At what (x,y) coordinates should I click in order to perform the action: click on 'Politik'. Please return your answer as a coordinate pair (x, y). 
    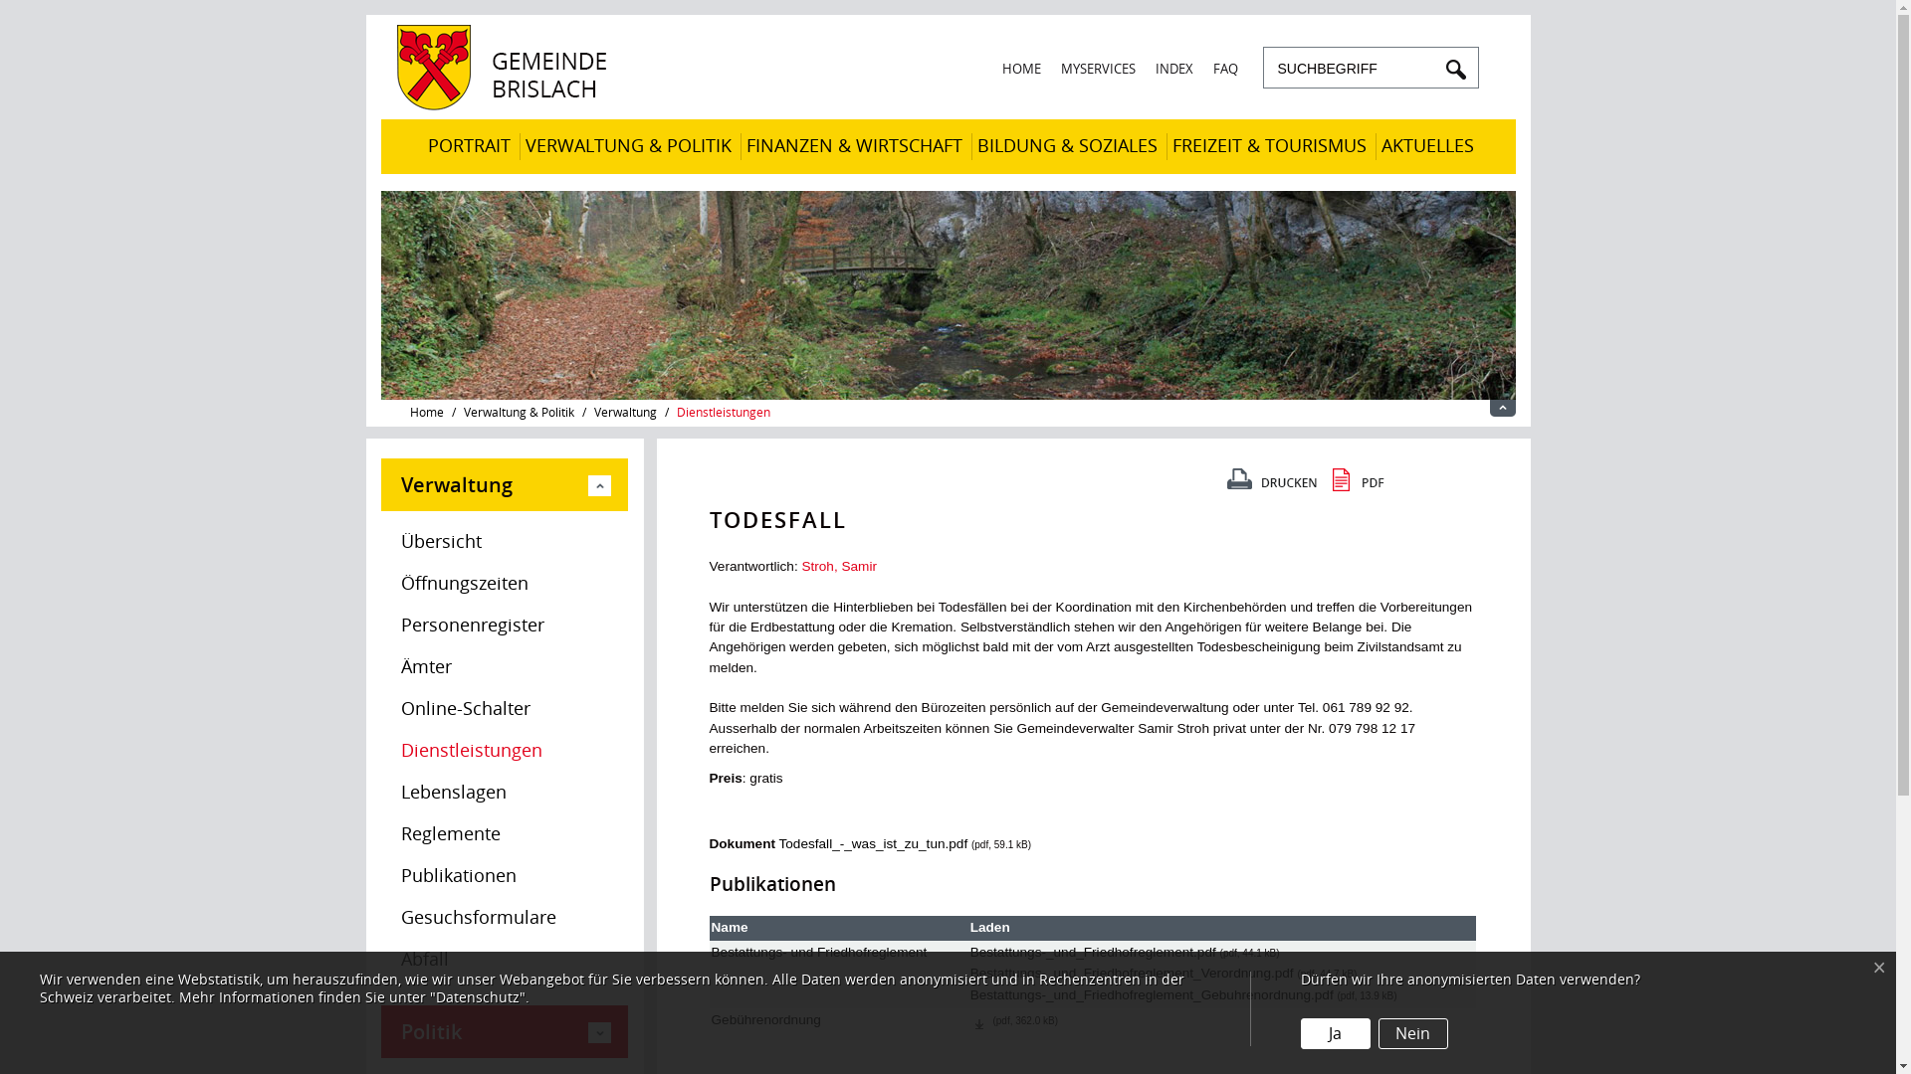
    Looking at the image, I should click on (503, 1030).